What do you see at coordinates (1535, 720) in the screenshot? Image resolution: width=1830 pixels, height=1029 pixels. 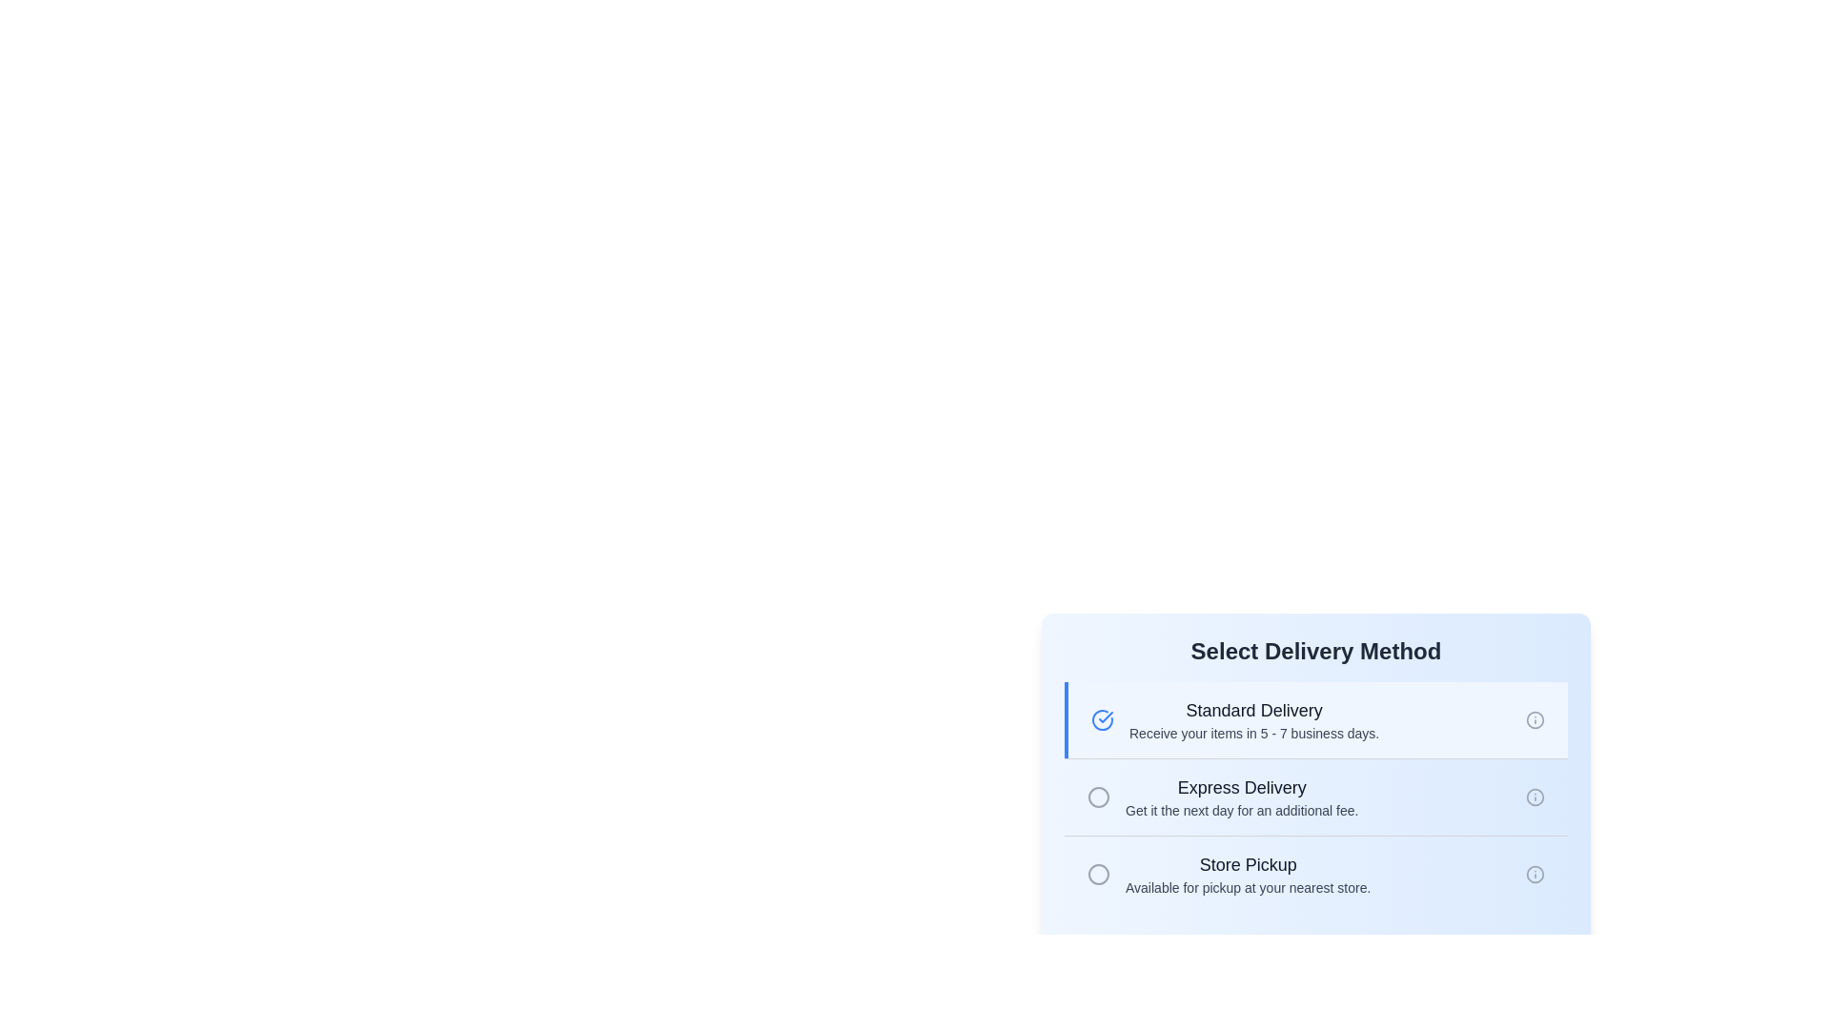 I see `the circular SVG graphic element that is part of the information icon, which is adjacent to the Standard Delivery text in the delivery method selection menu` at bounding box center [1535, 720].